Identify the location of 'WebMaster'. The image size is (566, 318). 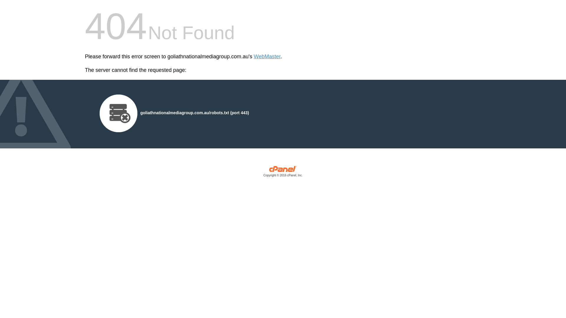
(267, 57).